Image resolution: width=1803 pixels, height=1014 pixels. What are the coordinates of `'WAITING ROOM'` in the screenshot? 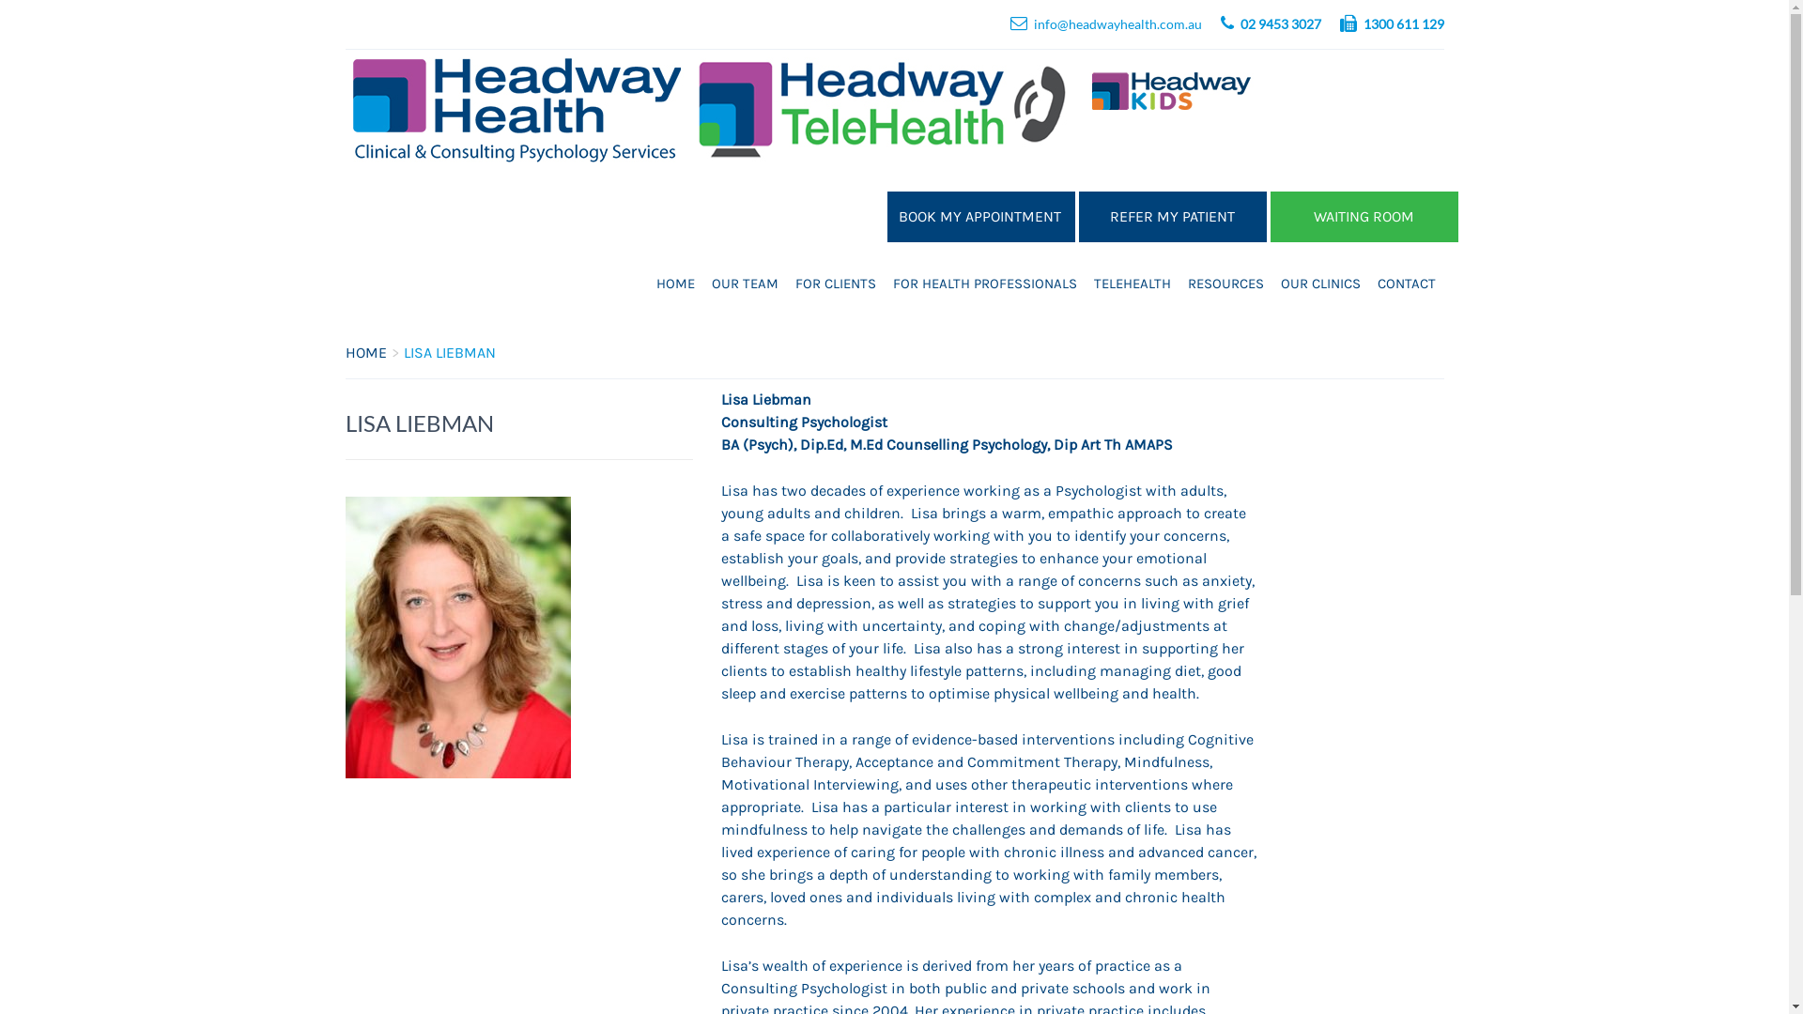 It's located at (1364, 216).